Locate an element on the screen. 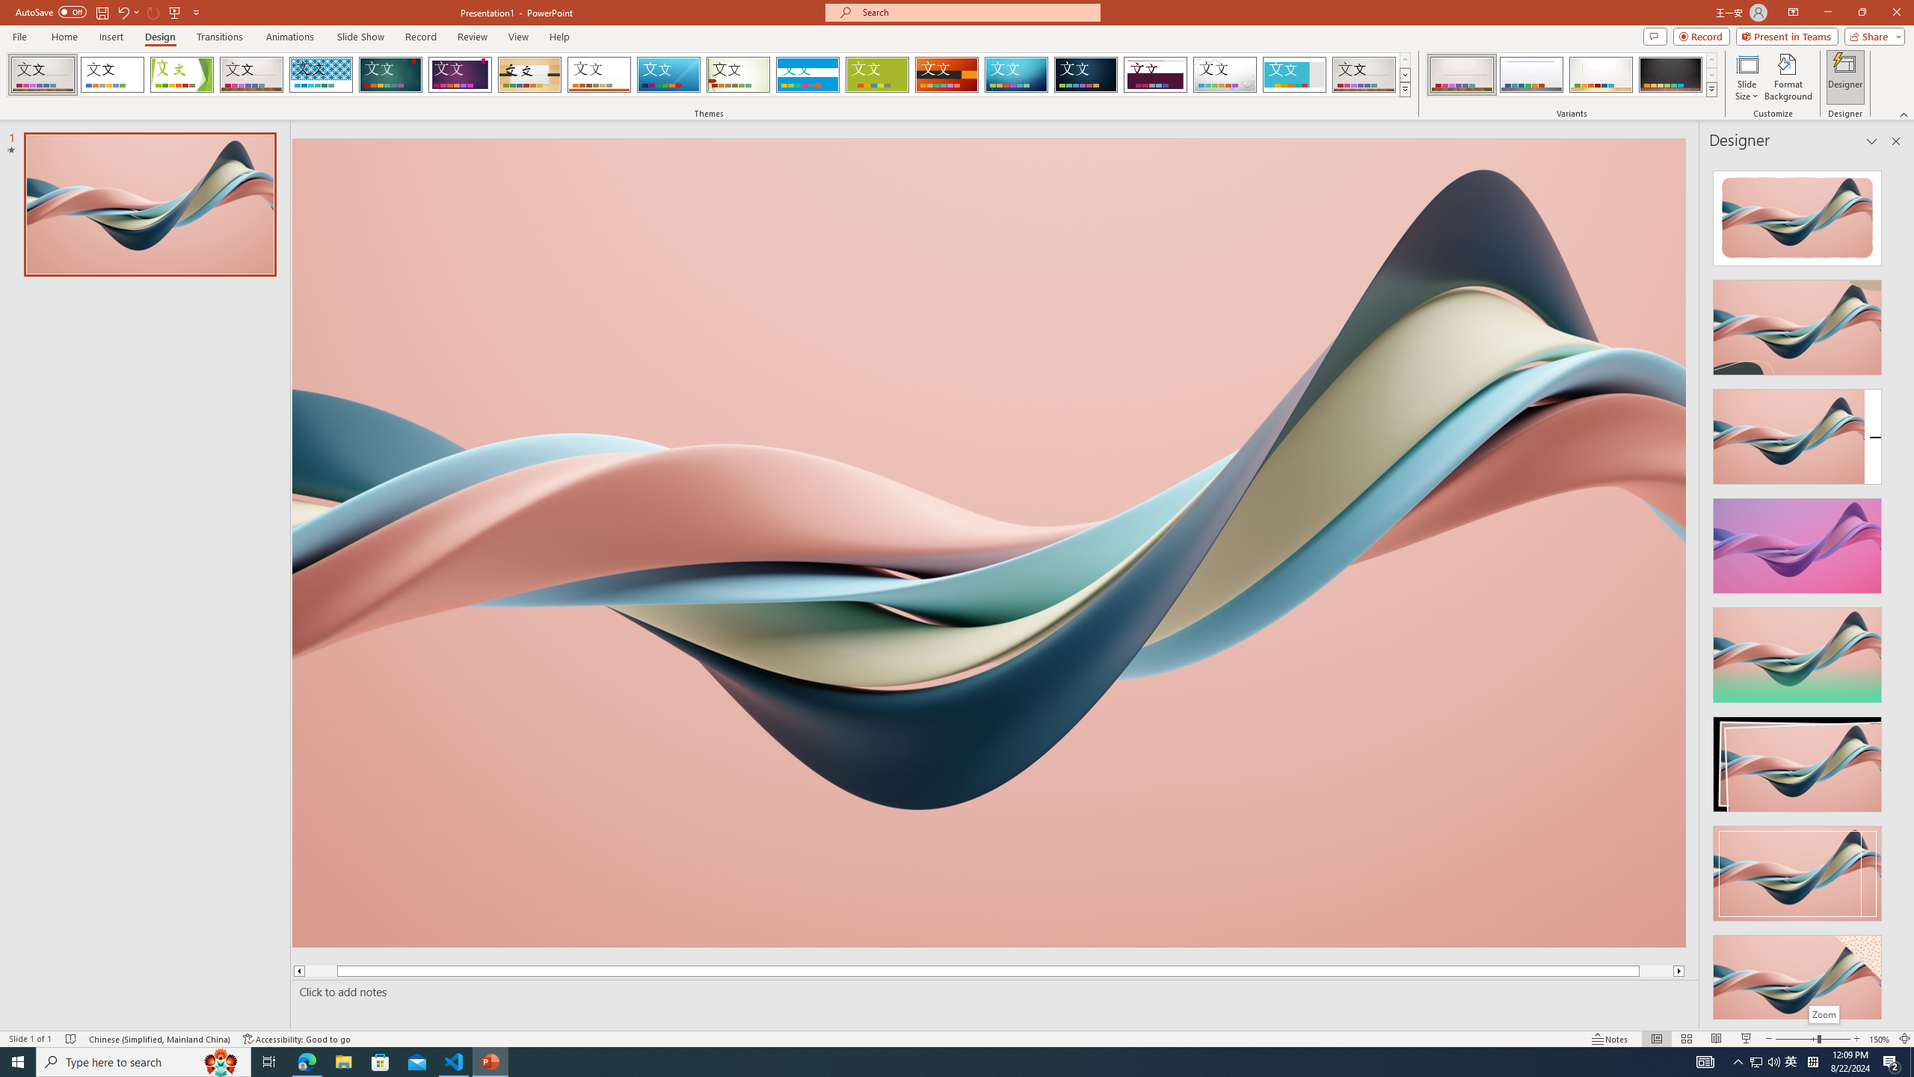 This screenshot has width=1914, height=1077. 'Gallery Variant 3' is located at coordinates (1600, 74).